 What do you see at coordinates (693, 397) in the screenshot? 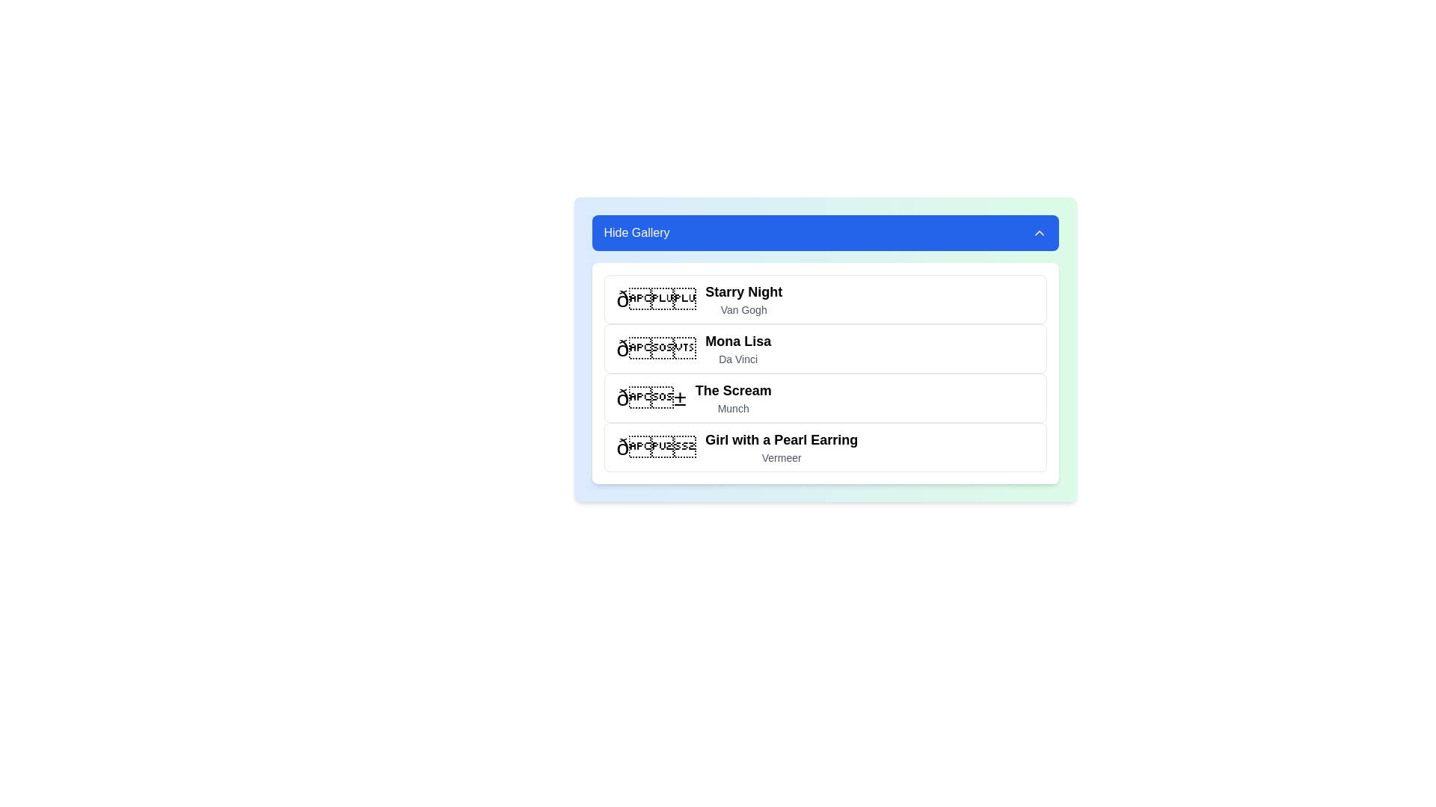
I see `the third item in the list labeled 'The Scream' by 'Munch'` at bounding box center [693, 397].